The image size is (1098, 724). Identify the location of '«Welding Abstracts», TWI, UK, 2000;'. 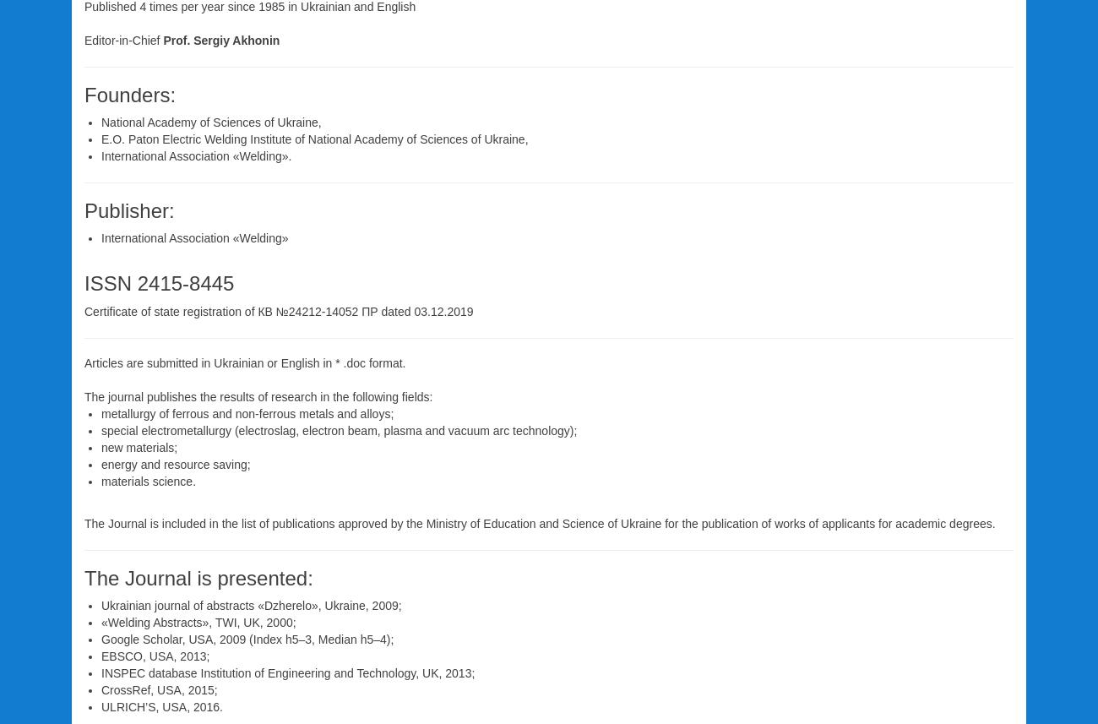
(198, 621).